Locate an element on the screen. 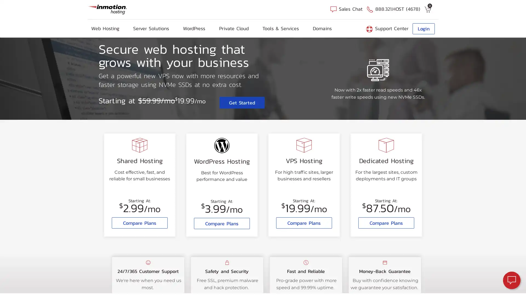 Image resolution: width=526 pixels, height=296 pixels. Compare Plans is located at coordinates (386, 223).